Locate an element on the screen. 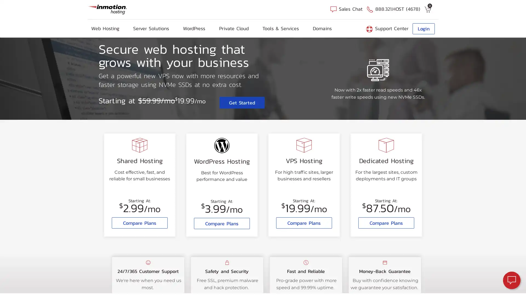 Image resolution: width=526 pixels, height=296 pixels. Compare Plans is located at coordinates (386, 223).